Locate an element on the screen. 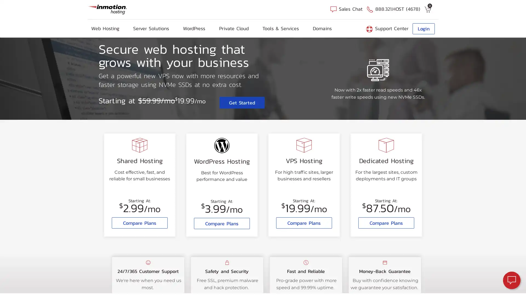 Image resolution: width=526 pixels, height=296 pixels. Compare Plans is located at coordinates (386, 223).